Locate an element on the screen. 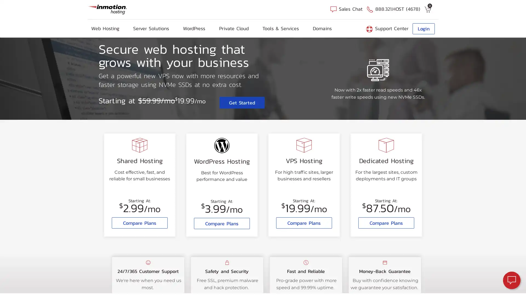 Image resolution: width=526 pixels, height=296 pixels. Compare Plans is located at coordinates (386, 223).